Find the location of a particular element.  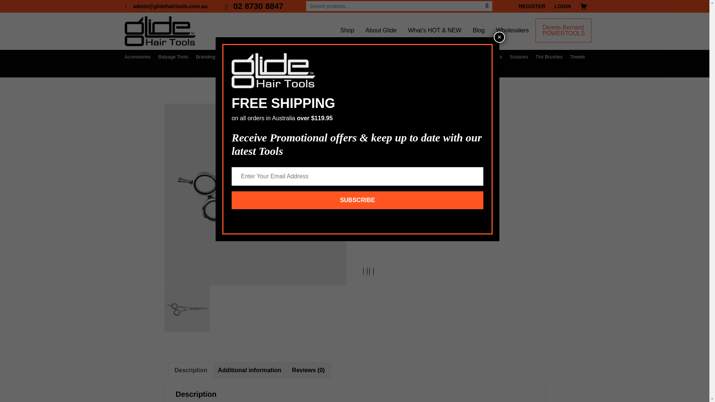

'LOGIN TO SEE THE PRICE' is located at coordinates (409, 199).